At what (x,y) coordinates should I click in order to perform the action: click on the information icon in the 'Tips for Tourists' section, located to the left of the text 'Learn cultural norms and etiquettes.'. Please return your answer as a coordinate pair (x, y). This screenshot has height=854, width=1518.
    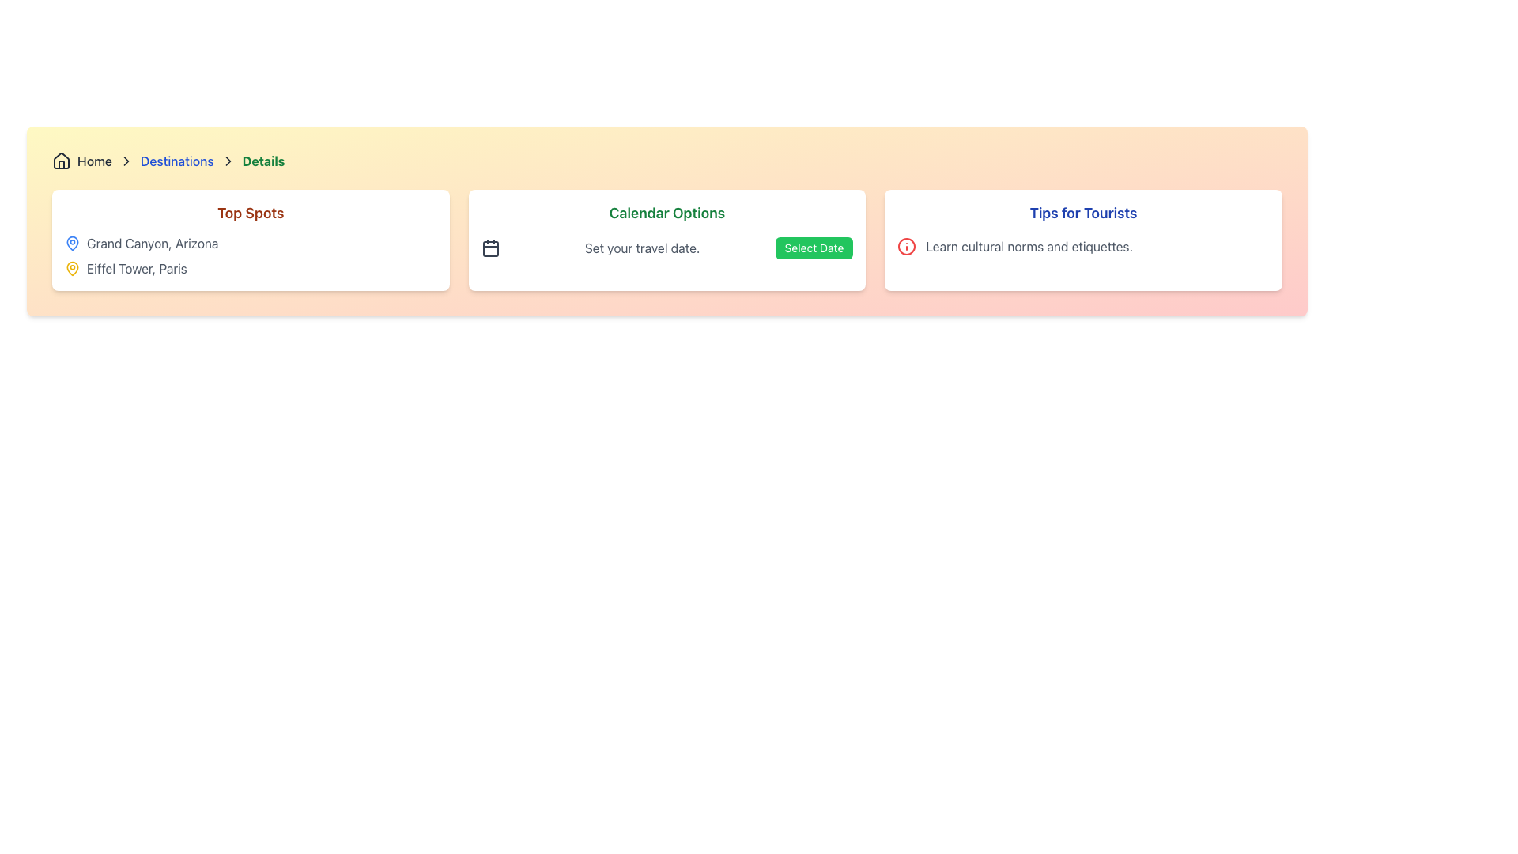
    Looking at the image, I should click on (907, 247).